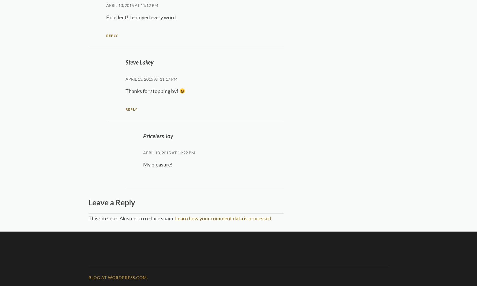 The height and width of the screenshot is (286, 477). Describe the element at coordinates (117, 277) in the screenshot. I see `'Blog at WordPress.com.'` at that location.